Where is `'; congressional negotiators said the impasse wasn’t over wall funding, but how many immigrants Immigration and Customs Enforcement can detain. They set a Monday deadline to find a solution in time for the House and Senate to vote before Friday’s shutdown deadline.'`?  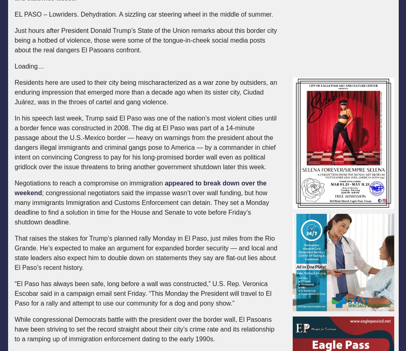 '; congressional negotiators said the impasse wasn’t over wall funding, but how many immigrants Immigration and Customs Enforcement can detain. They set a Monday deadline to find a solution in time for the House and Senate to vote before Friday’s shutdown deadline.' is located at coordinates (141, 207).